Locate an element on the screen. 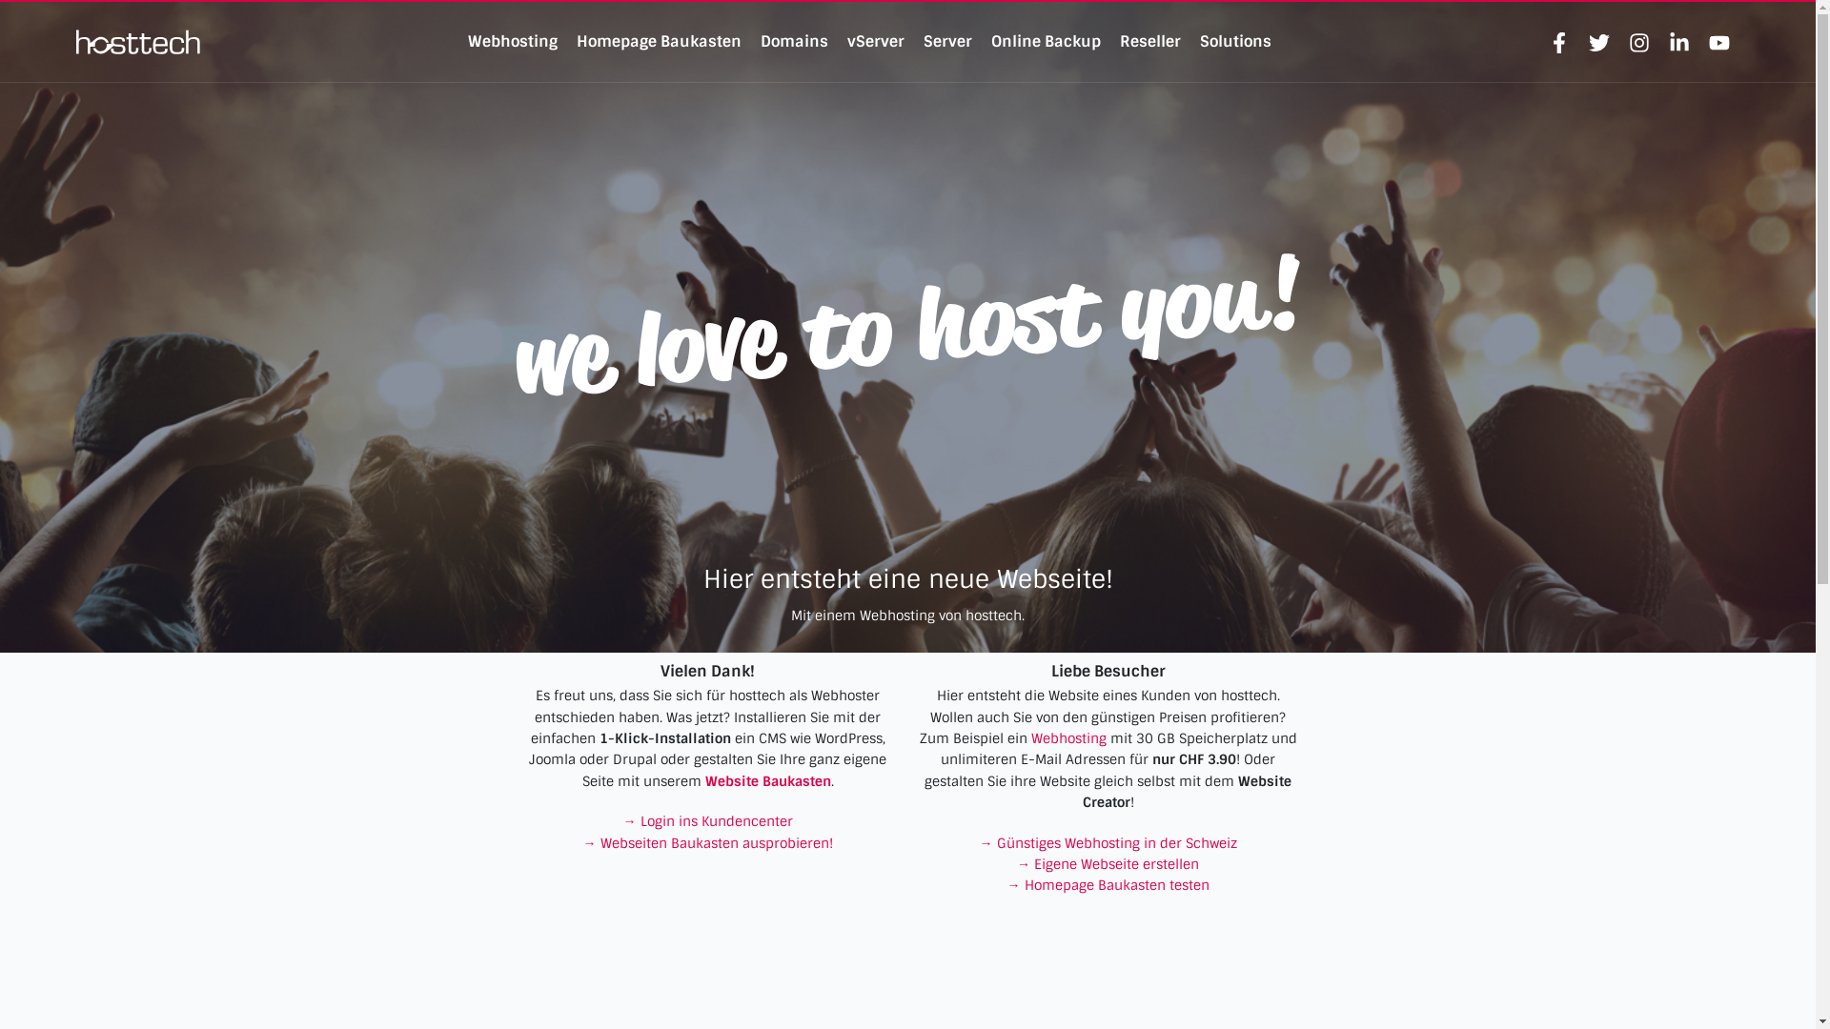  'Webhosting' is located at coordinates (1029, 737).